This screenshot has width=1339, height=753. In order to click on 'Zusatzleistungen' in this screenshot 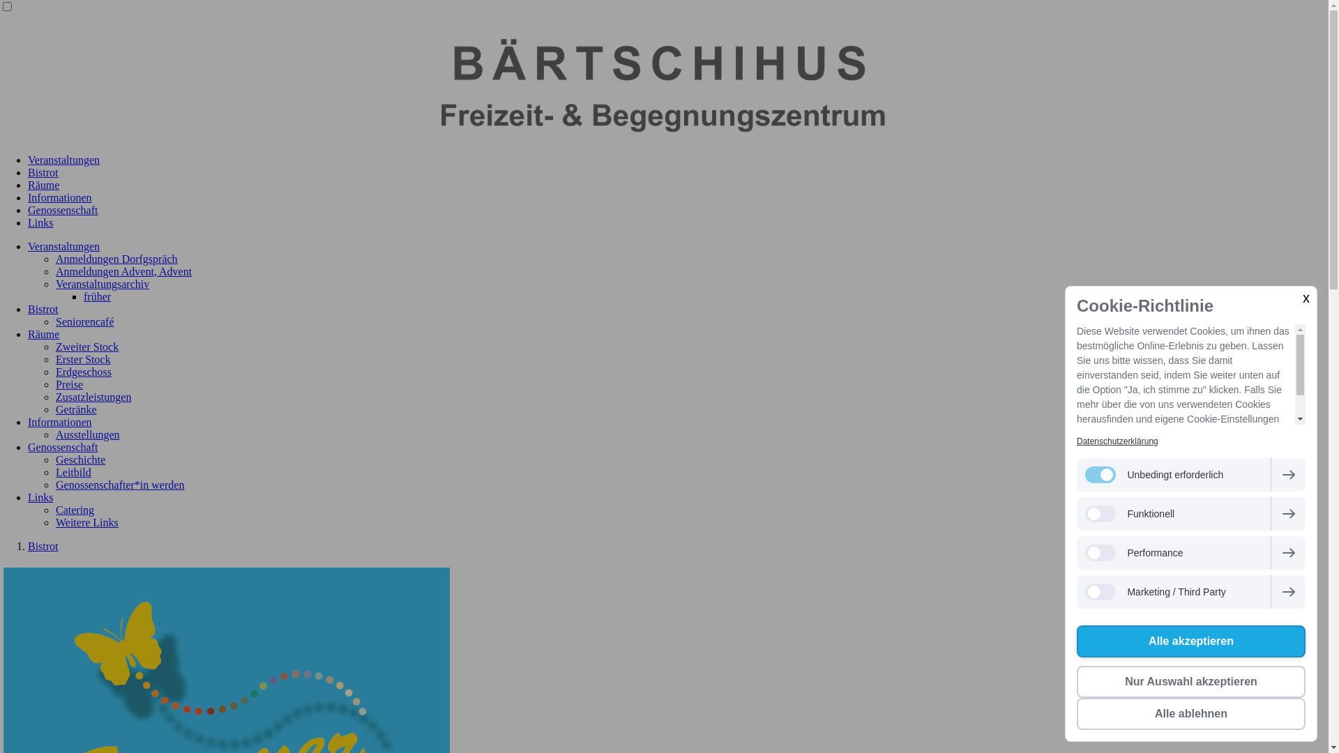, I will do `click(93, 397)`.